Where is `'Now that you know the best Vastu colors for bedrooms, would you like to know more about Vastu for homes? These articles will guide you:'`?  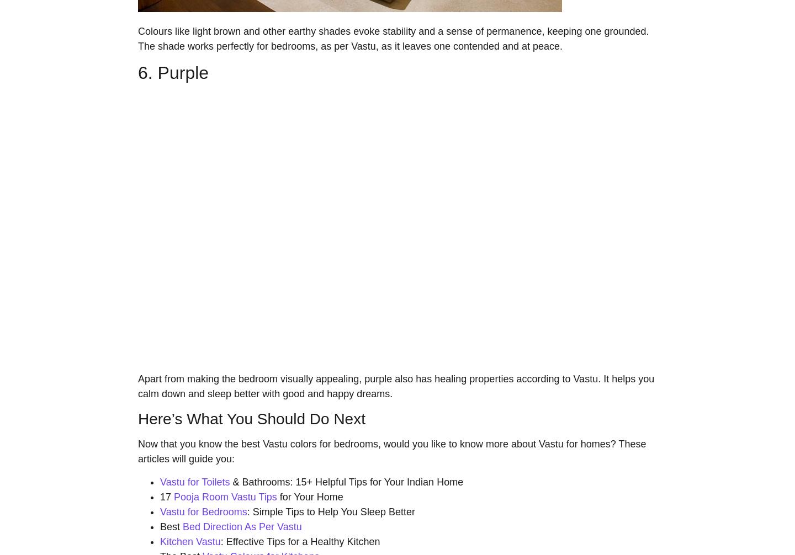 'Now that you know the best Vastu colors for bedrooms, would you like to know more about Vastu for homes? These articles will guide you:' is located at coordinates (137, 451).